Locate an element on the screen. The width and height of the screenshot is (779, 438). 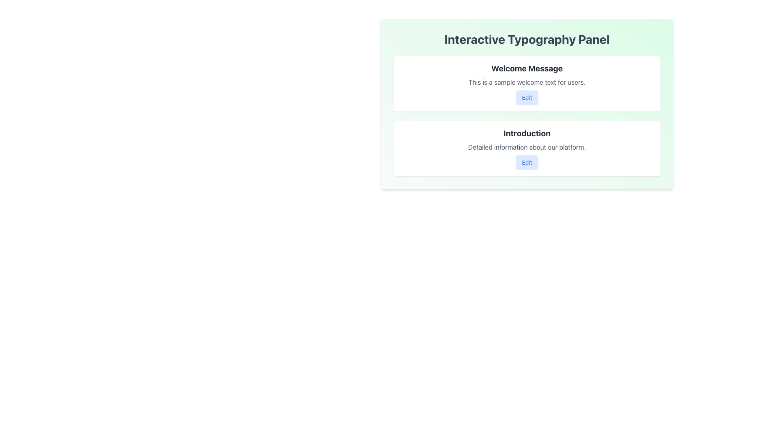
the 'Edit' button, which is styled with a rounded rectangle in light blue and is located in the lower part of the 'Introduction' section is located at coordinates (527, 163).